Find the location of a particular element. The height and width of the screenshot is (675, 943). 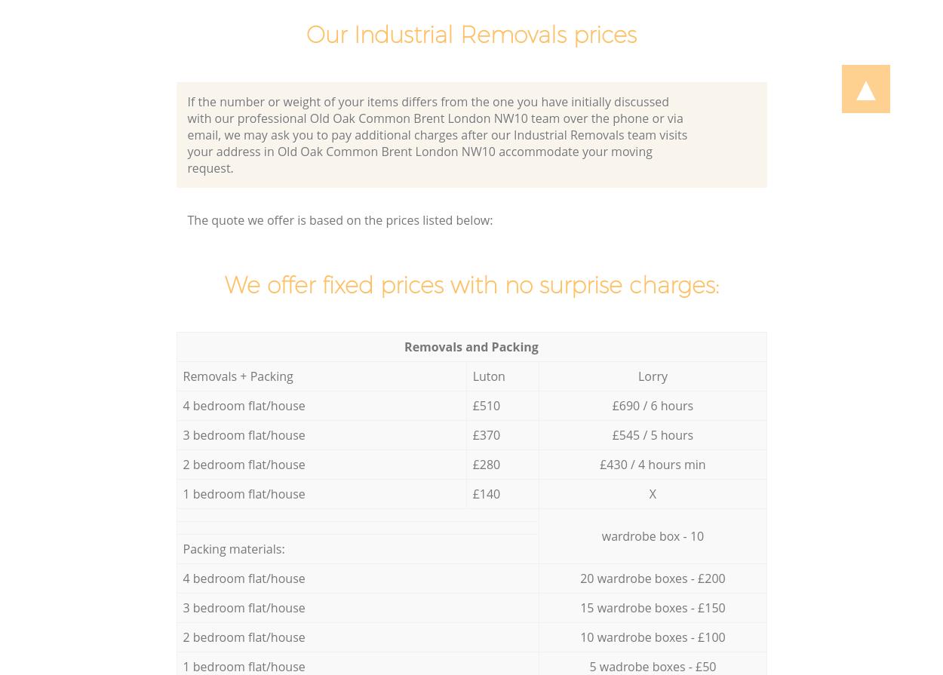

'£280' is located at coordinates (486, 464).